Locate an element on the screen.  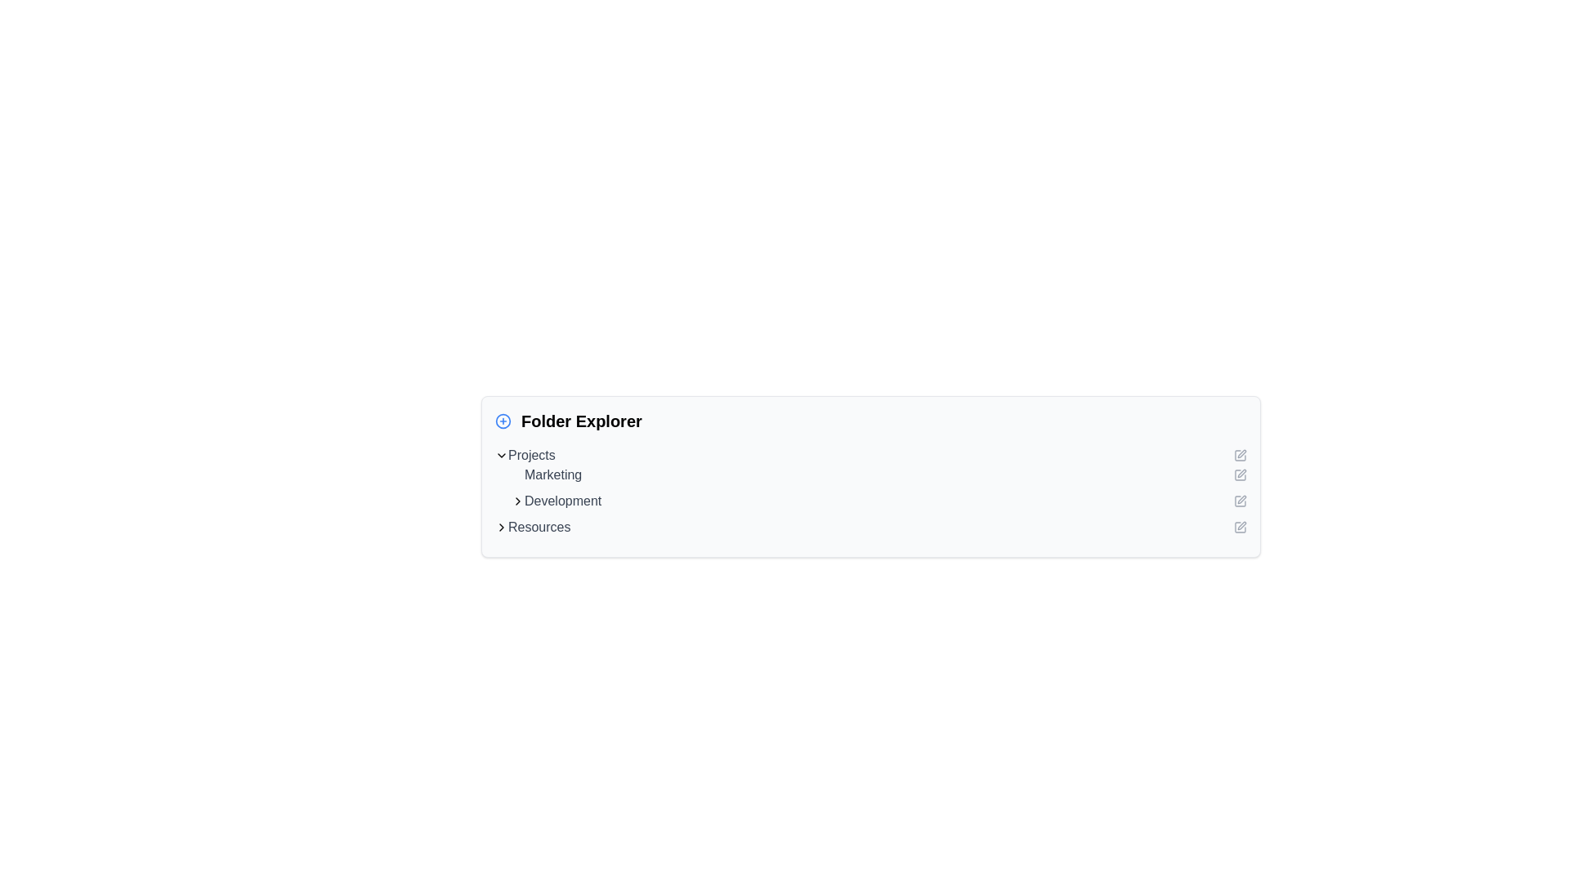
the icon button used for adding a new folder, which is positioned to the left of the 'Folder Explorer' title is located at coordinates (502, 421).